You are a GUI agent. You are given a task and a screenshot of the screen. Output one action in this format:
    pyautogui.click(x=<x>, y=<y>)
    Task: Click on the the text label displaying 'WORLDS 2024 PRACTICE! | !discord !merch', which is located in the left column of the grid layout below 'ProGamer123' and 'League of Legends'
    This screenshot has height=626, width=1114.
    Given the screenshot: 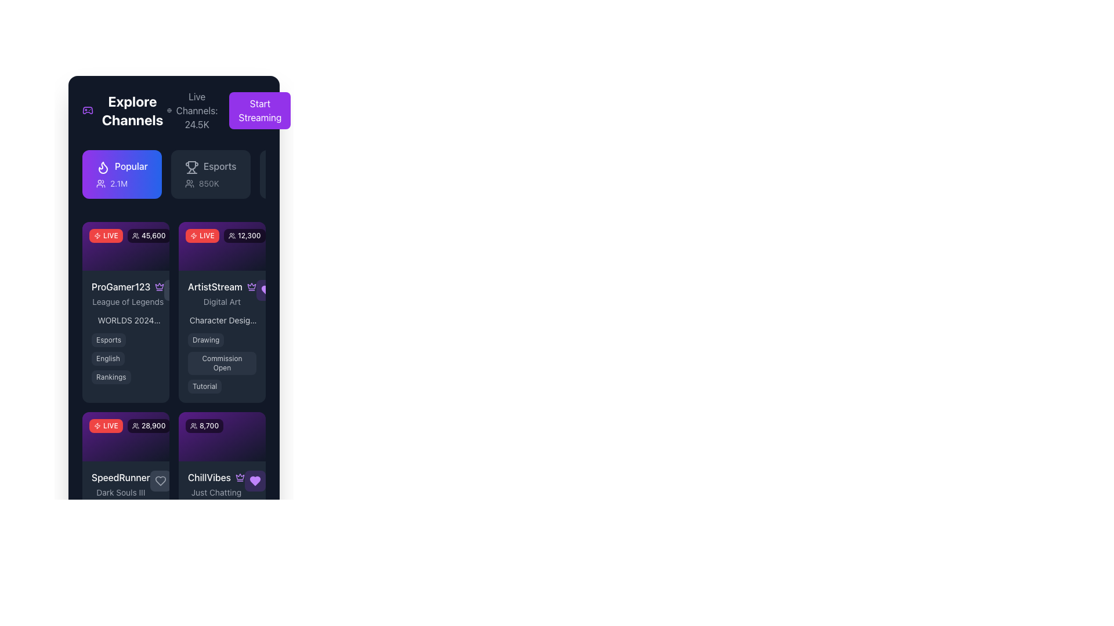 What is the action you would take?
    pyautogui.click(x=125, y=320)
    